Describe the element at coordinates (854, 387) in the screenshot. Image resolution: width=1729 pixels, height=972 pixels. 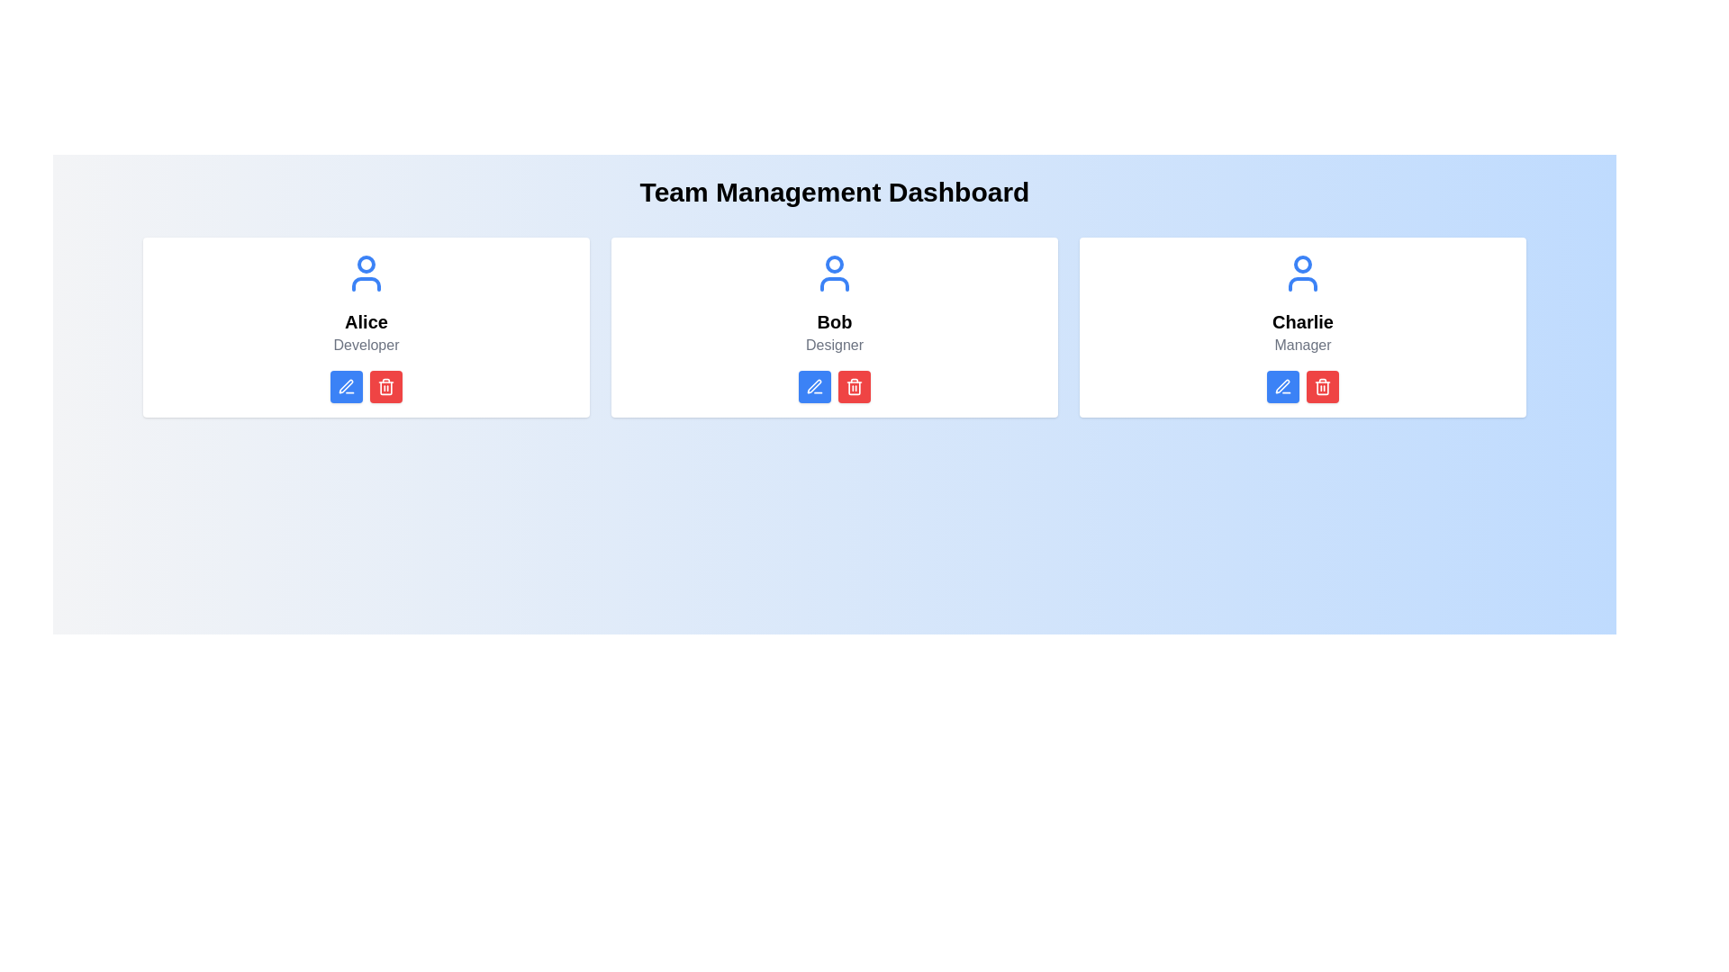
I see `the delete icon located at the top right of the lower action button group inside the central card of the layout` at that location.